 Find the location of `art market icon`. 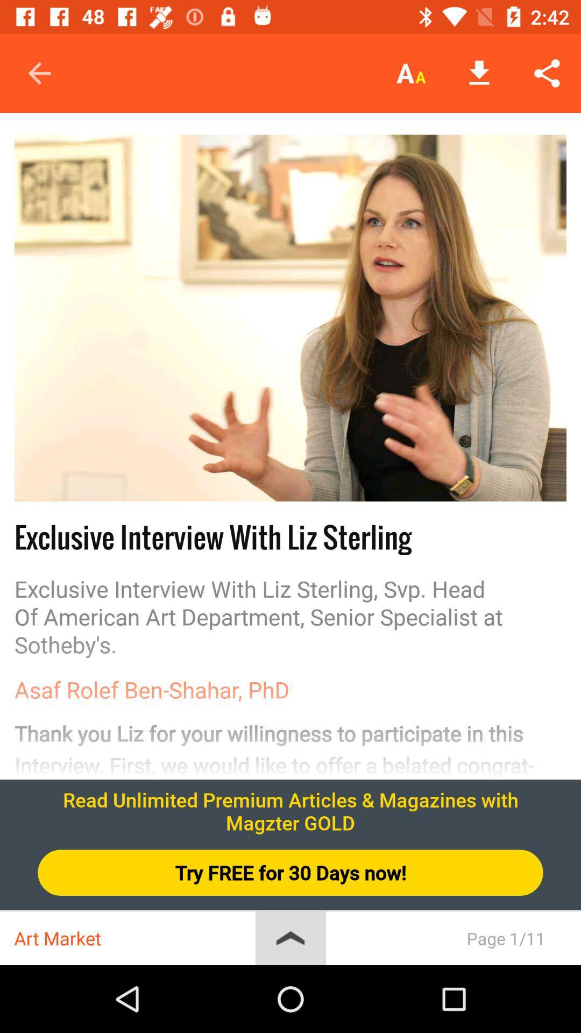

art market icon is located at coordinates (134, 938).